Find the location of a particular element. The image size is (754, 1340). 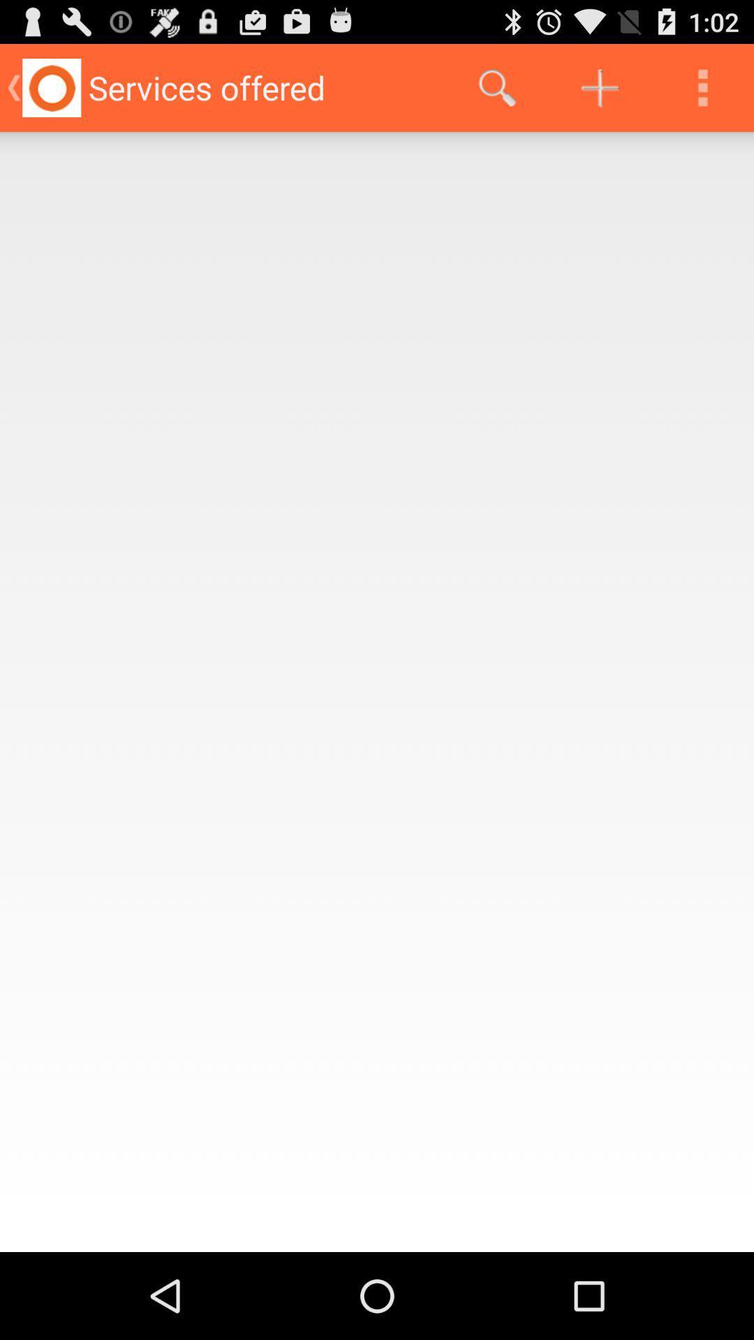

app to the right of the services offered icon is located at coordinates (496, 87).